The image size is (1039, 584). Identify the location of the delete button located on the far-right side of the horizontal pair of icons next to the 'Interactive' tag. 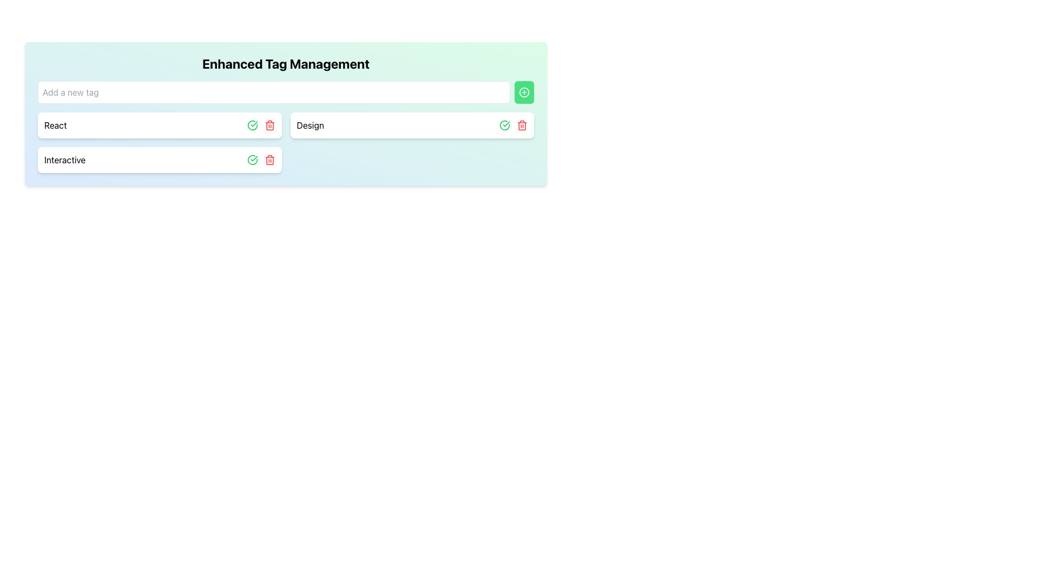
(269, 160).